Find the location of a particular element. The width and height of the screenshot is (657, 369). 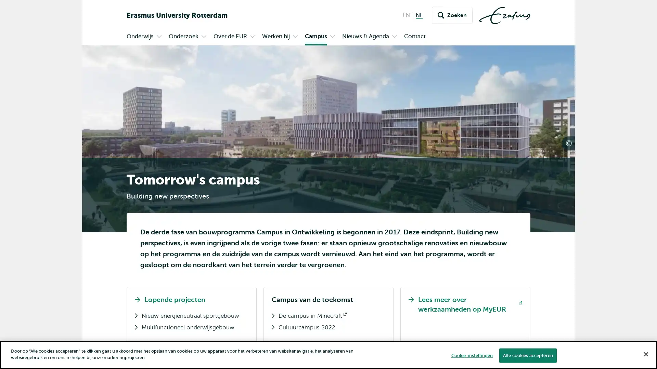

Cookie-instellingen is located at coordinates (471, 355).